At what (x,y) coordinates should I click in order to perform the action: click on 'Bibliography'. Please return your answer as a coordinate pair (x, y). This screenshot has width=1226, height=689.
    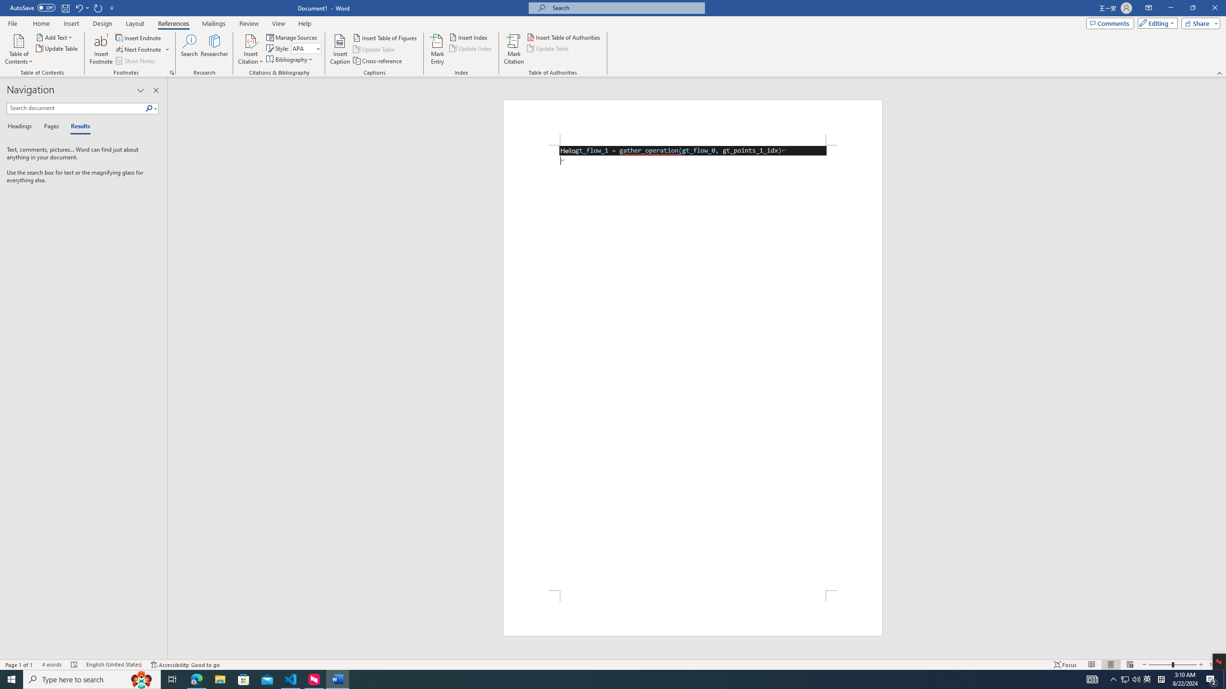
    Looking at the image, I should click on (290, 58).